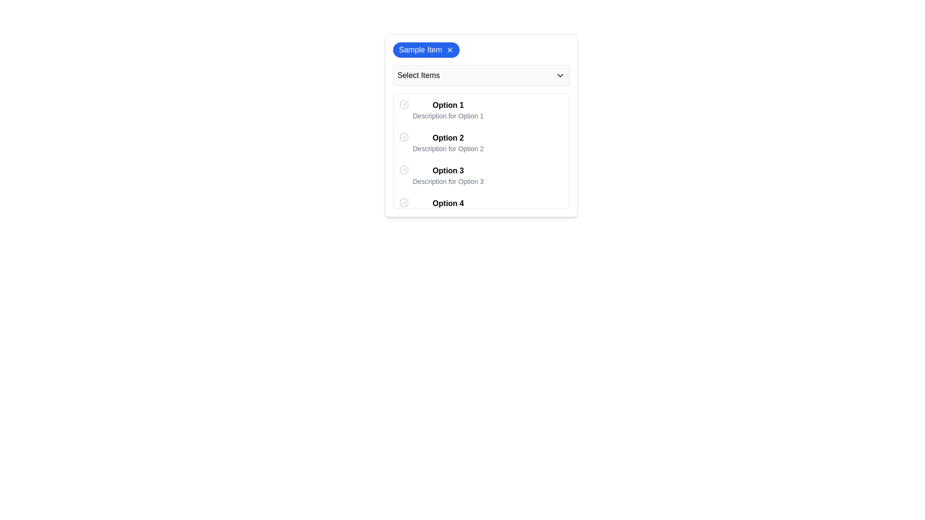  Describe the element at coordinates (404, 202) in the screenshot. I see `the icon for 'Option 4', which is positioned to the left of the text within the dropdown list` at that location.